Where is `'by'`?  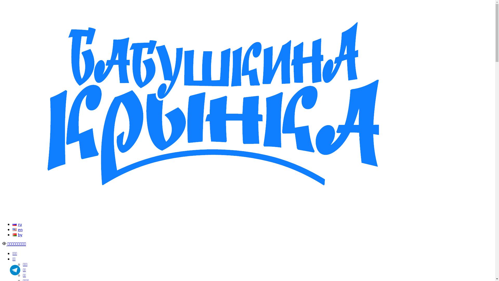 'by' is located at coordinates (17, 234).